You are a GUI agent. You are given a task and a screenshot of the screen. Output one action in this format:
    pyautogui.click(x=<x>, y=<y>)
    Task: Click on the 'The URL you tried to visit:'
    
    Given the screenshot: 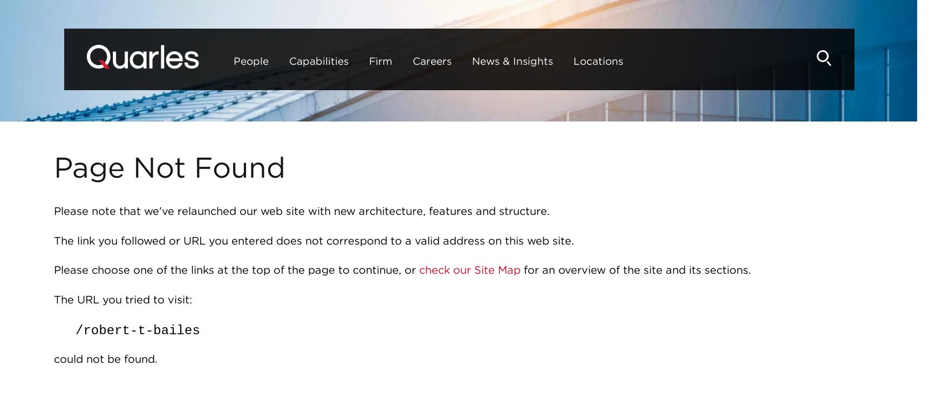 What is the action you would take?
    pyautogui.click(x=122, y=299)
    